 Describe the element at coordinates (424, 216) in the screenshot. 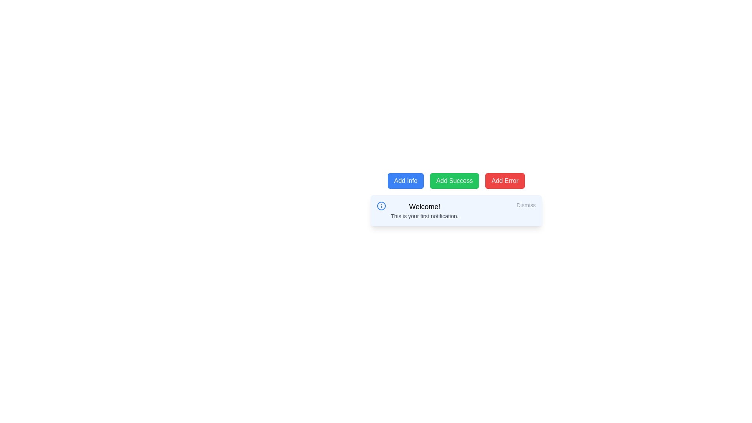

I see `the text label that reads 'This is your first notification.' styled in light gray, located beneath the 'Welcome!' text within the notification card` at that location.